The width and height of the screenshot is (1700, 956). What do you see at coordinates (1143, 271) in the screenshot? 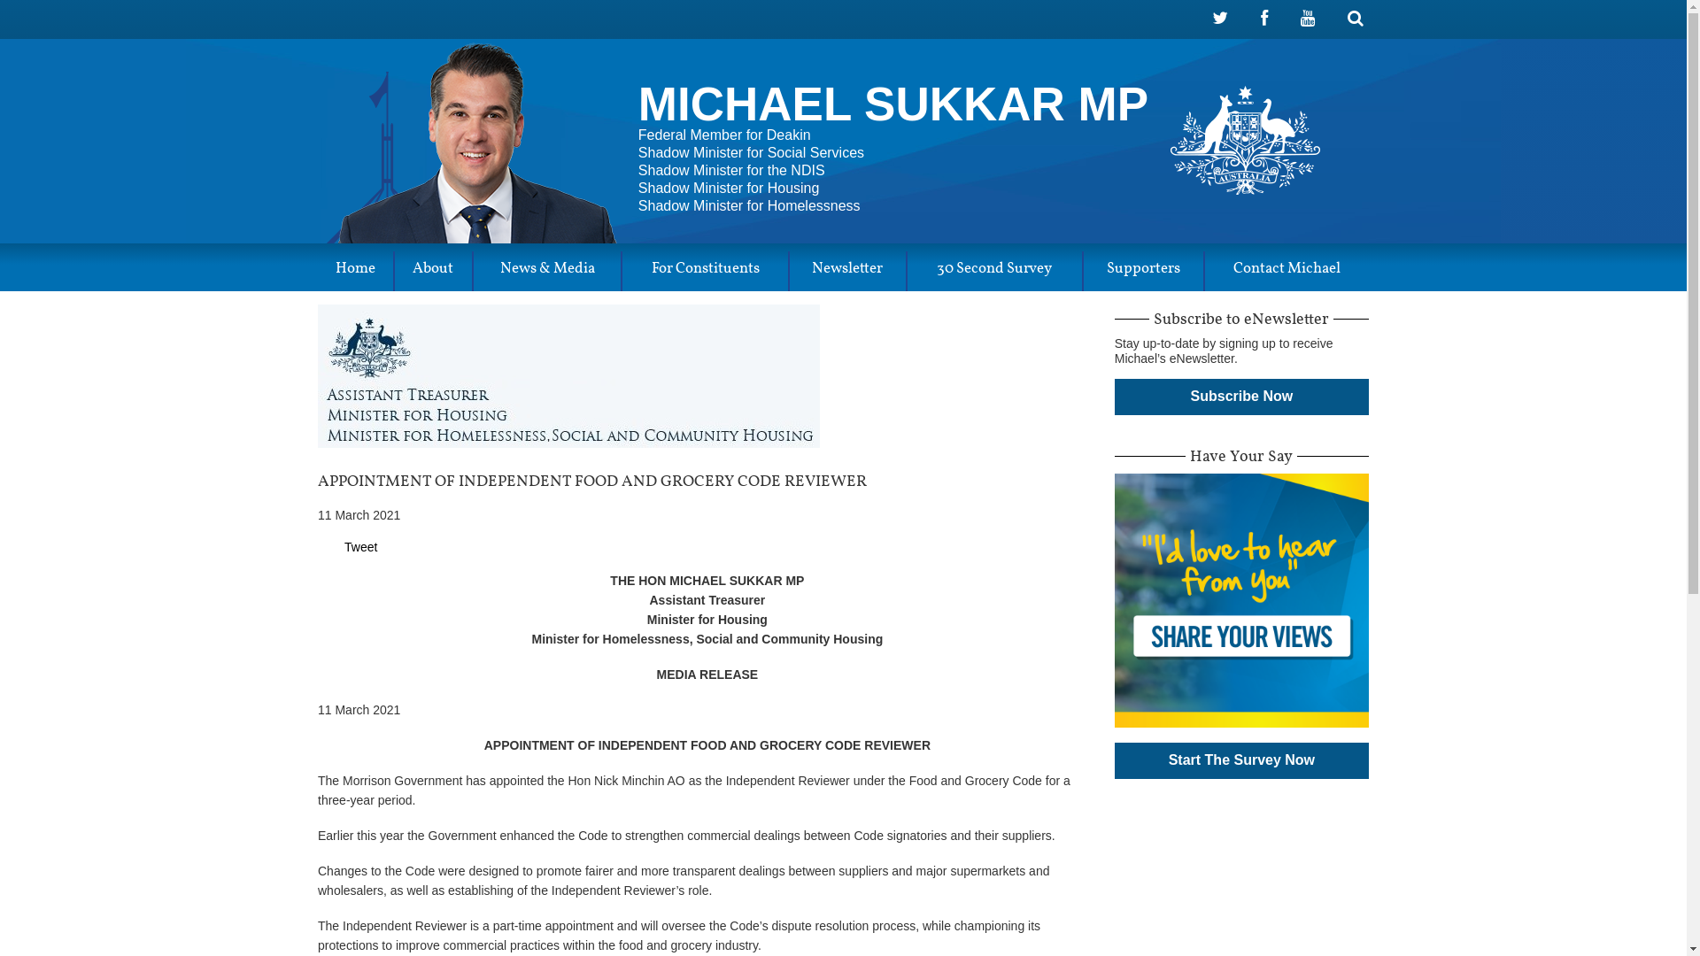
I see `'Supporters'` at bounding box center [1143, 271].